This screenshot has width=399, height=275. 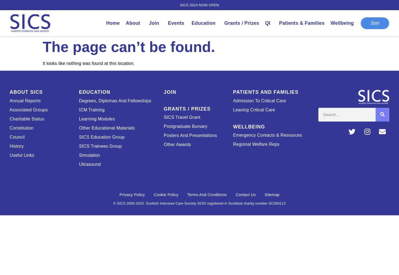 What do you see at coordinates (89, 63) in the screenshot?
I see `'It looks like nothing was found at this location.'` at bounding box center [89, 63].